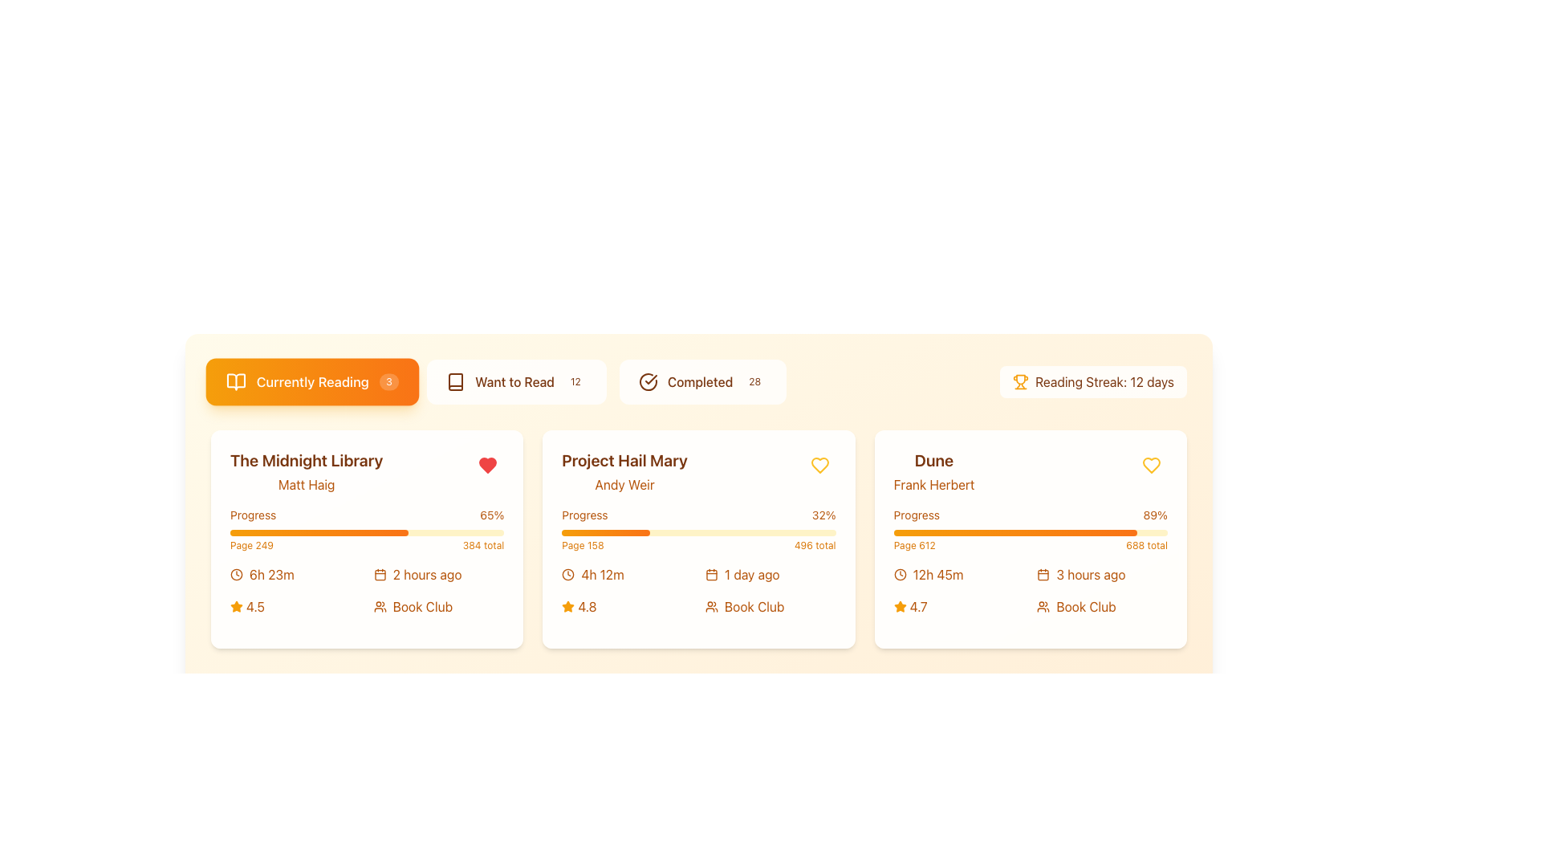 This screenshot has width=1541, height=867. I want to click on the static text label displaying 'Book Club' in bold amber color, which is located within a card layout under the ratings section, so click(754, 607).